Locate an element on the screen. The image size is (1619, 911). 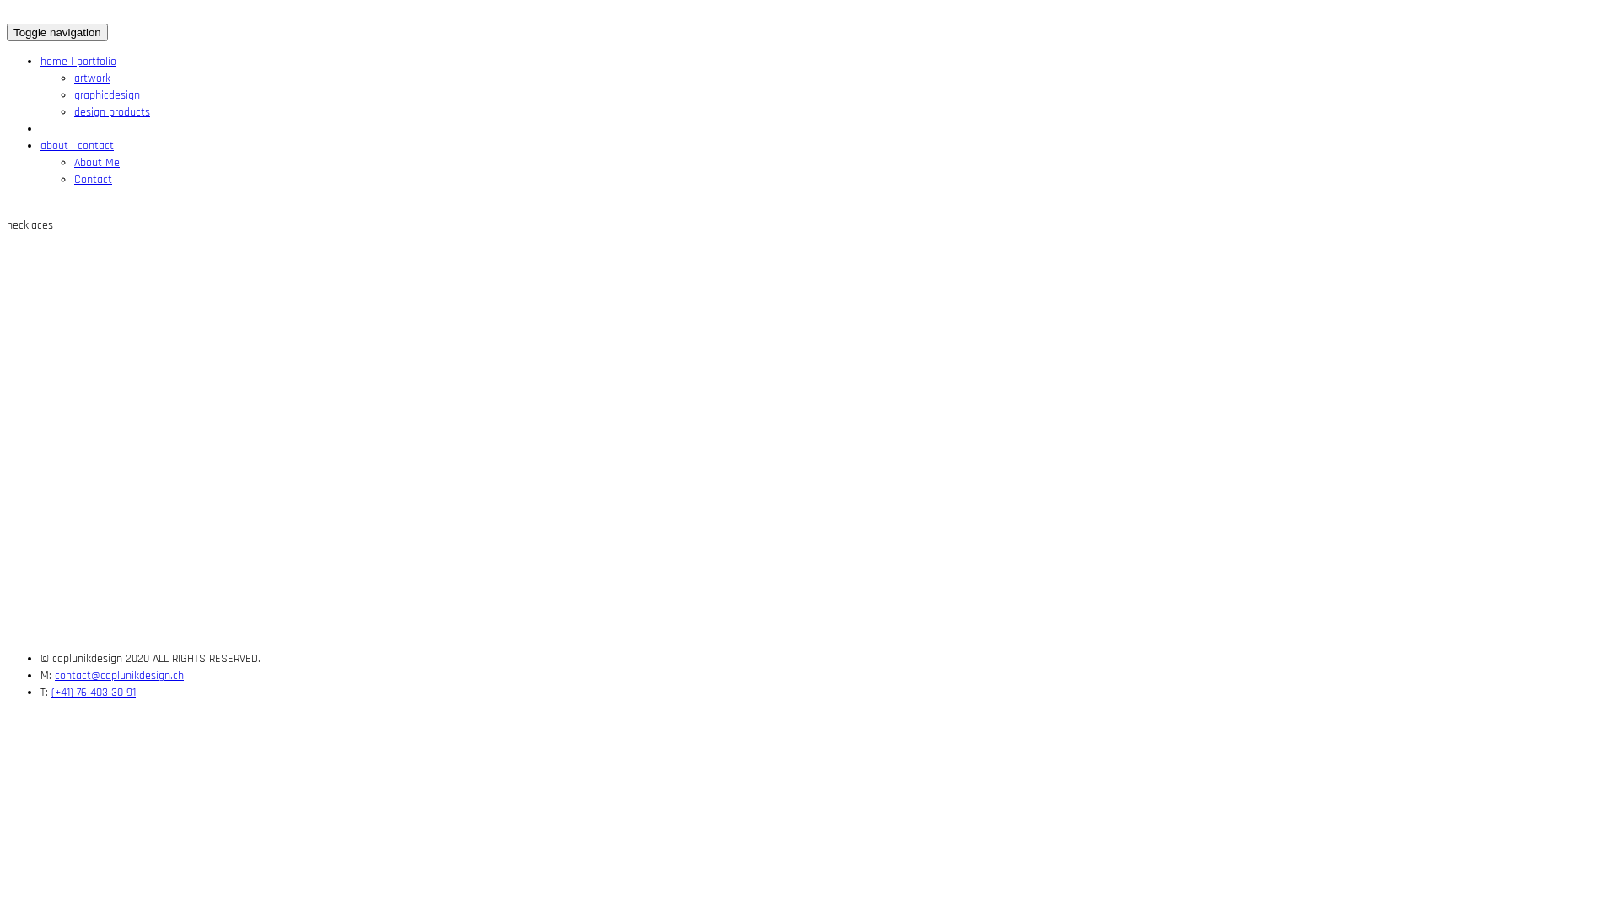
'artwork' is located at coordinates (91, 78).